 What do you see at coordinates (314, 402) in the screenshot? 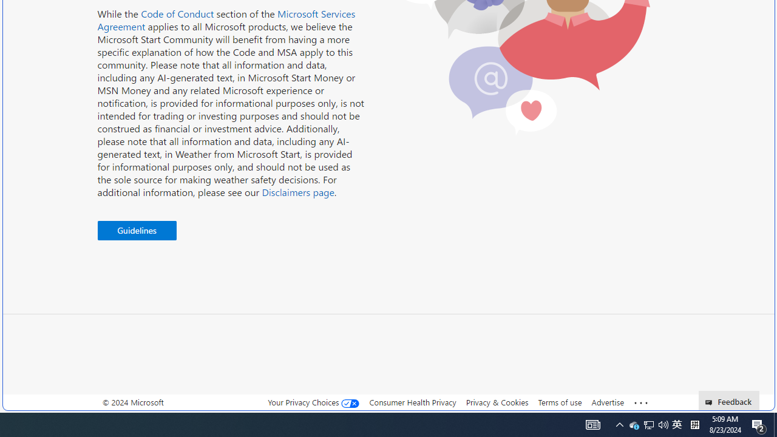
I see `'Your Privacy Choices'` at bounding box center [314, 402].